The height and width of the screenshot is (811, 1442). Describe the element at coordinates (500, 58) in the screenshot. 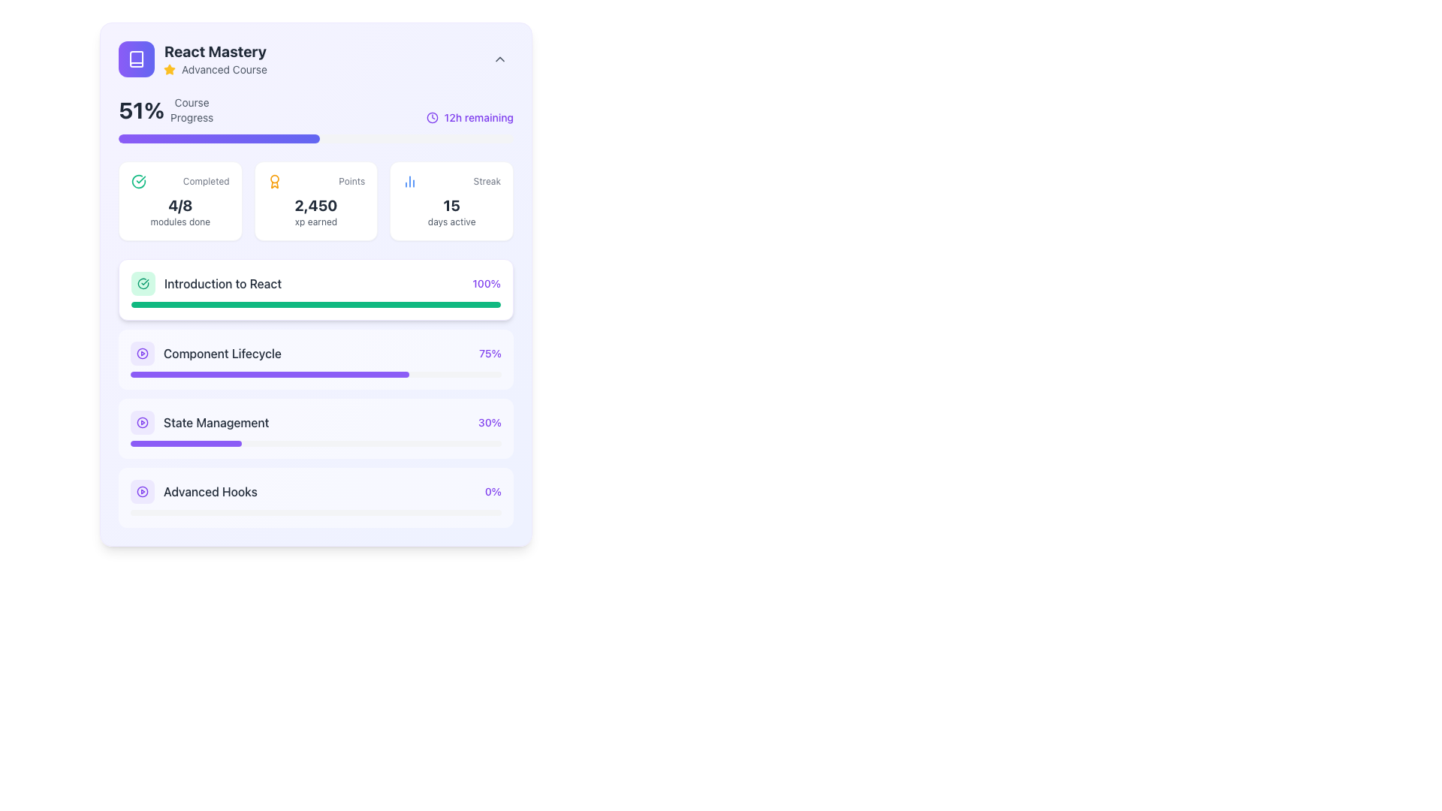

I see `the chevron icon in the top-right corner of the React Mastery course card` at that location.